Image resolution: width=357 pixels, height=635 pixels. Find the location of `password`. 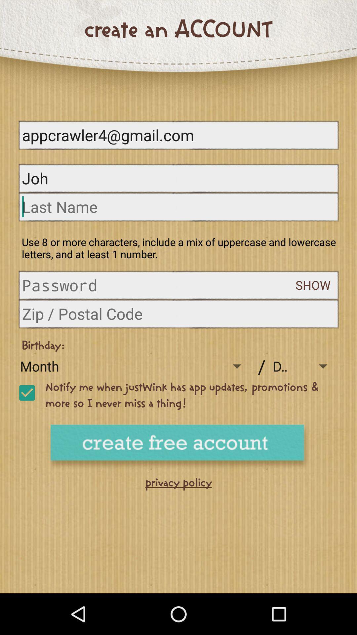

password is located at coordinates (159, 285).